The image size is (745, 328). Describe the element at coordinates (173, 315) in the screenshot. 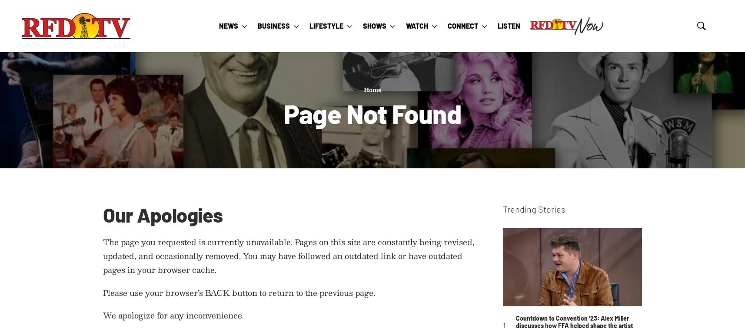

I see `'We apologize for any inconvenience.'` at that location.